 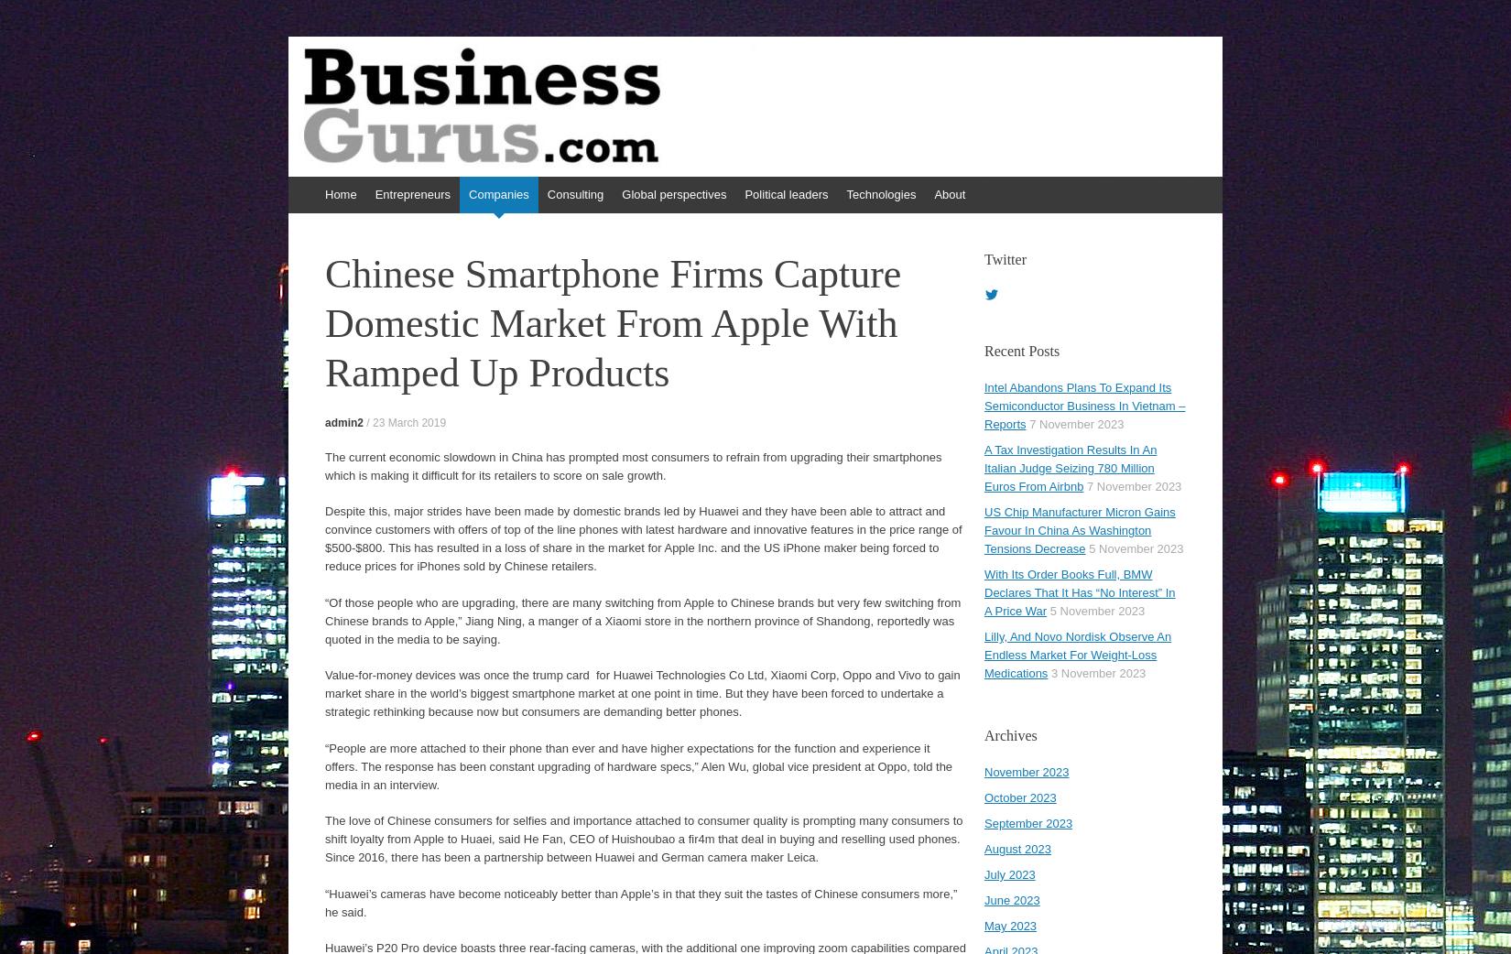 What do you see at coordinates (1027, 772) in the screenshot?
I see `'November 2023'` at bounding box center [1027, 772].